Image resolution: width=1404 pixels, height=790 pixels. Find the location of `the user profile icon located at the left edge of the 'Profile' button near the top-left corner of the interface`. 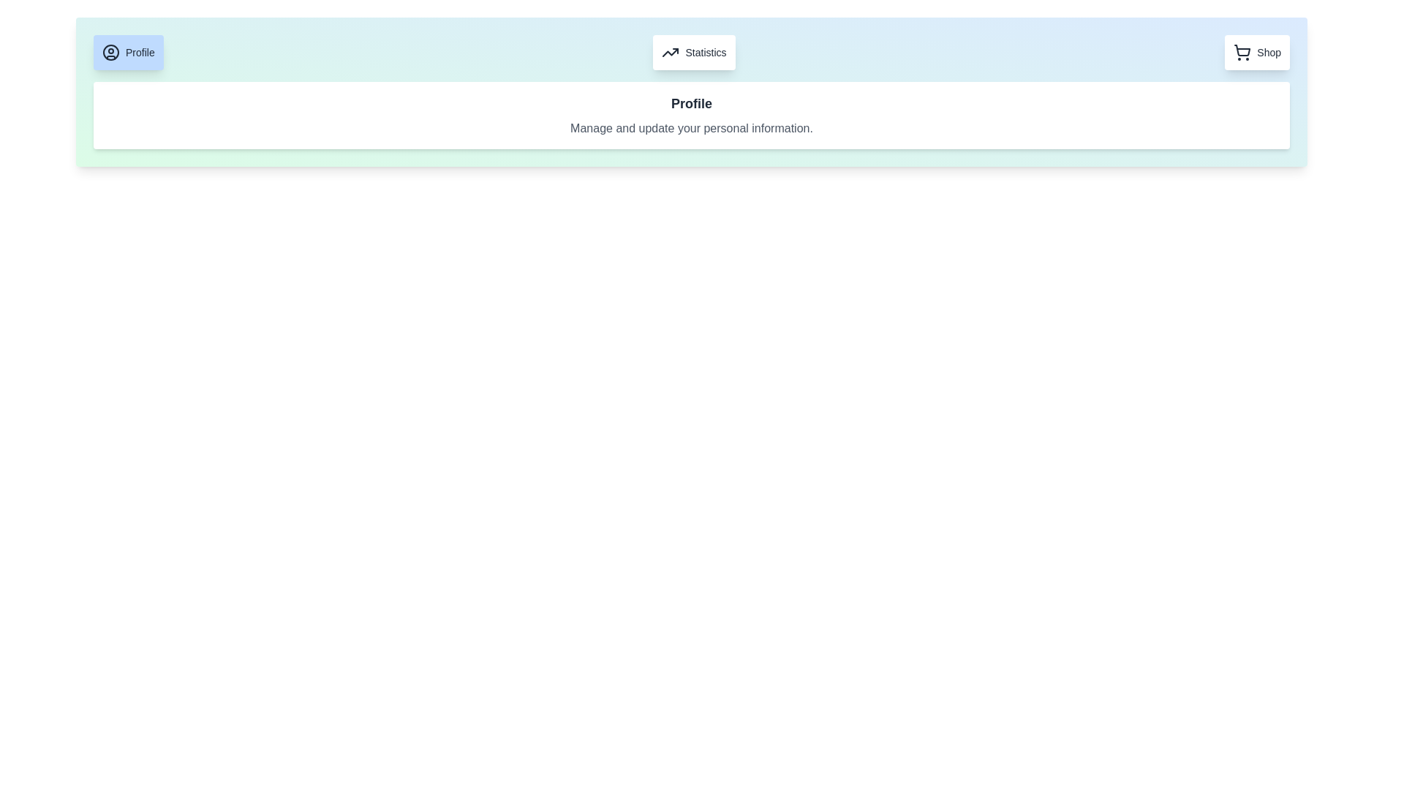

the user profile icon located at the left edge of the 'Profile' button near the top-left corner of the interface is located at coordinates (110, 52).